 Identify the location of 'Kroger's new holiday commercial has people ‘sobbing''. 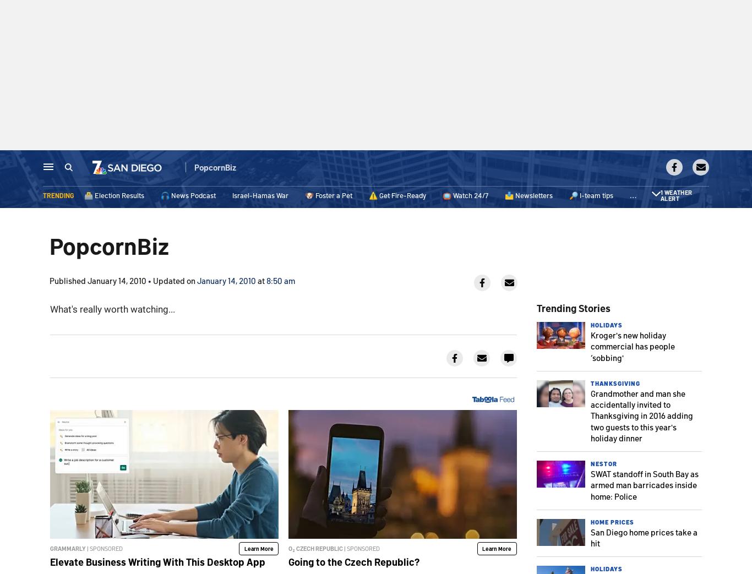
(633, 345).